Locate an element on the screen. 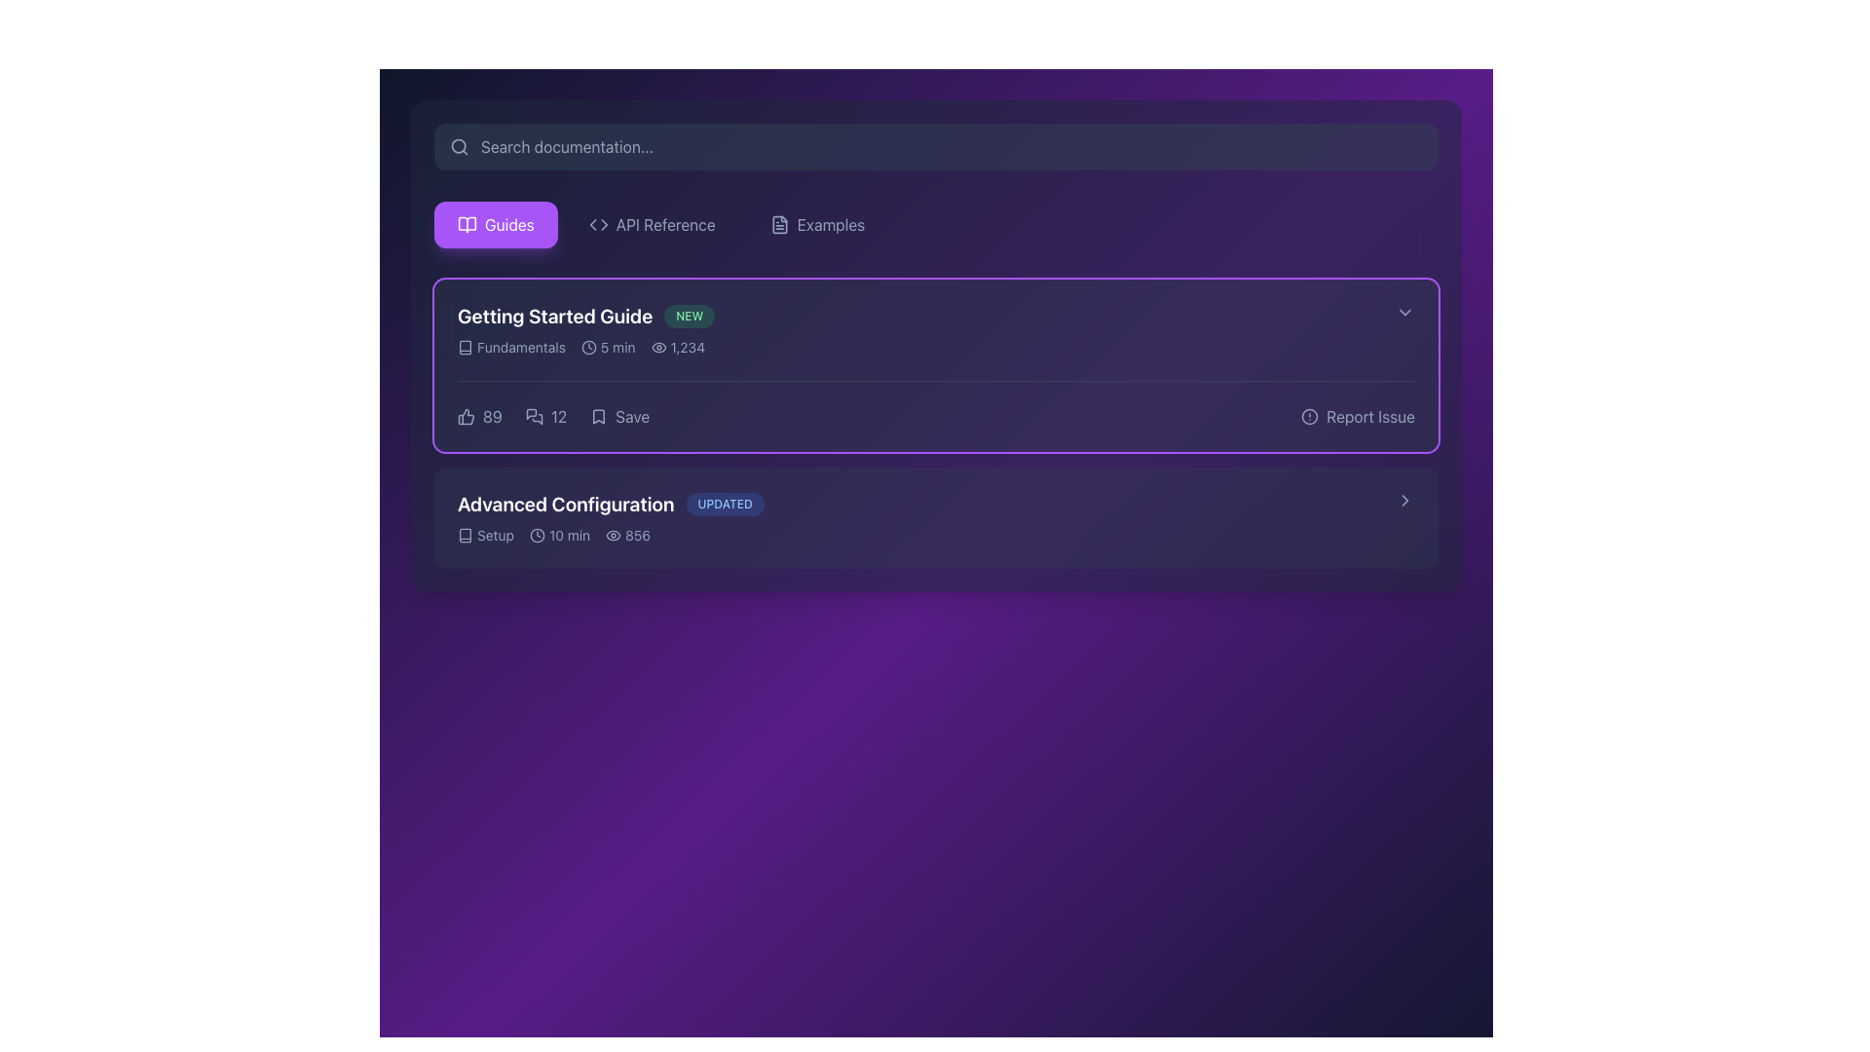  the text element displaying 'Getting Started Guide' which is prominently positioned in the upper-left section of the main content area on a dark blue background is located at coordinates (554, 315).